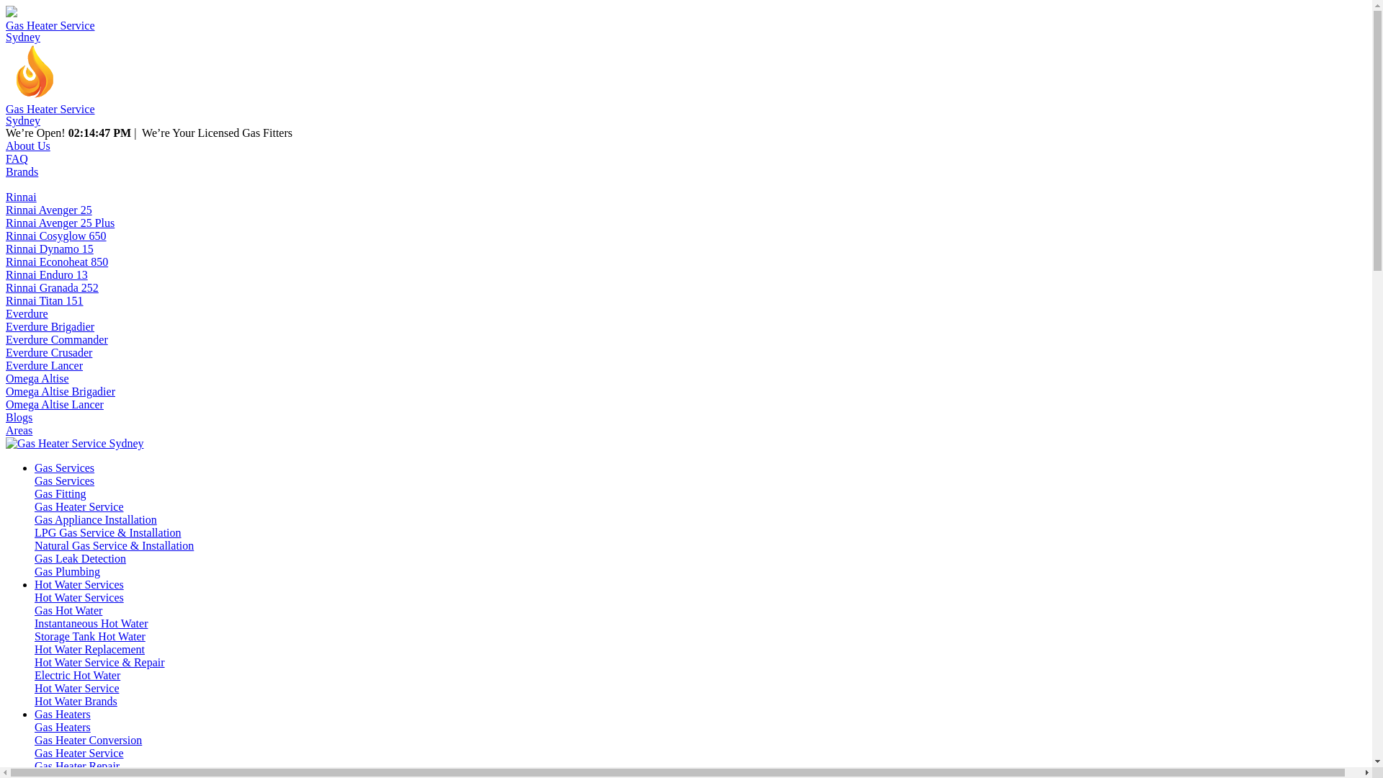 The width and height of the screenshot is (1383, 778). Describe the element at coordinates (45, 300) in the screenshot. I see `'Rinnai Titan 151'` at that location.